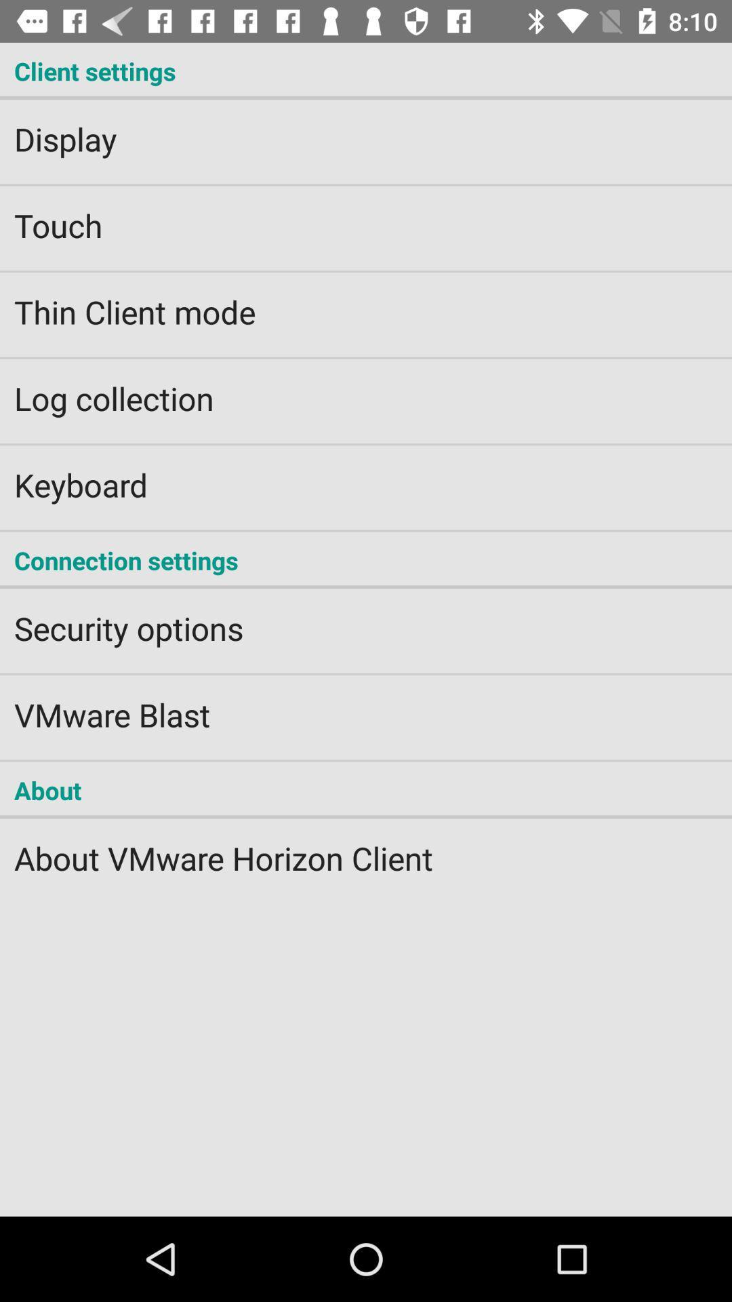  Describe the element at coordinates (366, 848) in the screenshot. I see `the item below the about app` at that location.